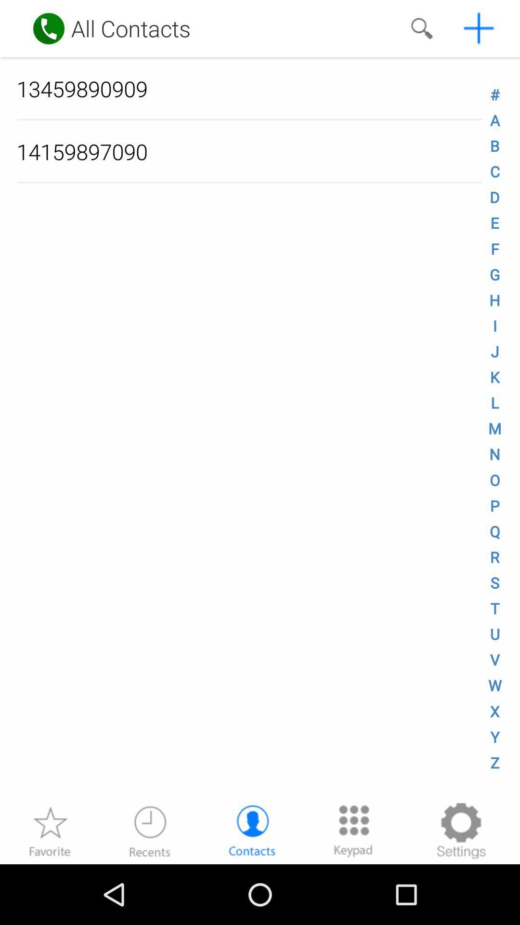 The width and height of the screenshot is (520, 925). What do you see at coordinates (460, 830) in the screenshot?
I see `open settings` at bounding box center [460, 830].